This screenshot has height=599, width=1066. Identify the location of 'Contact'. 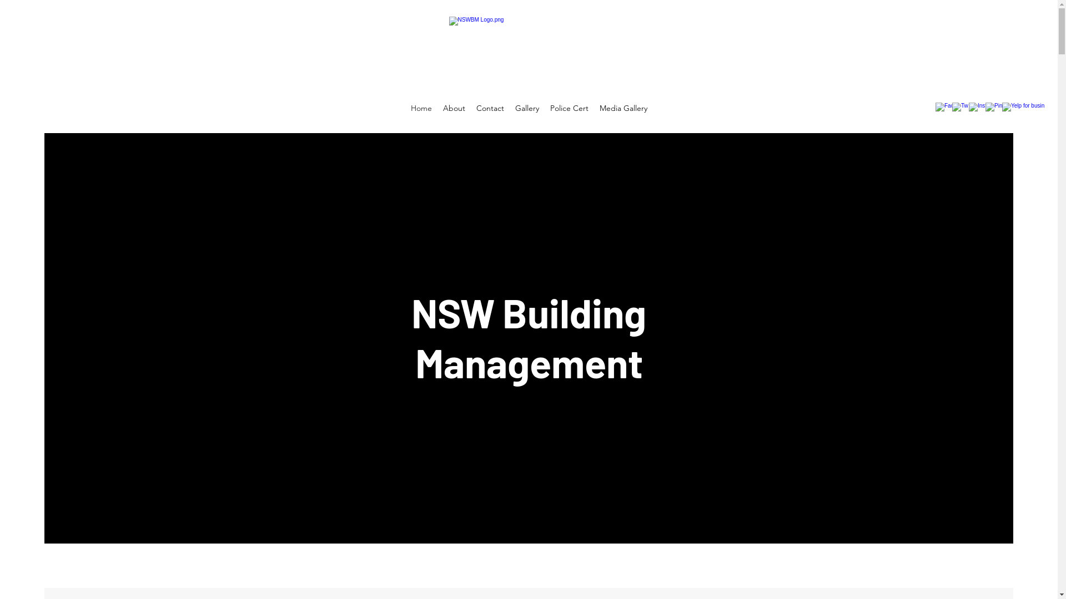
(471, 108).